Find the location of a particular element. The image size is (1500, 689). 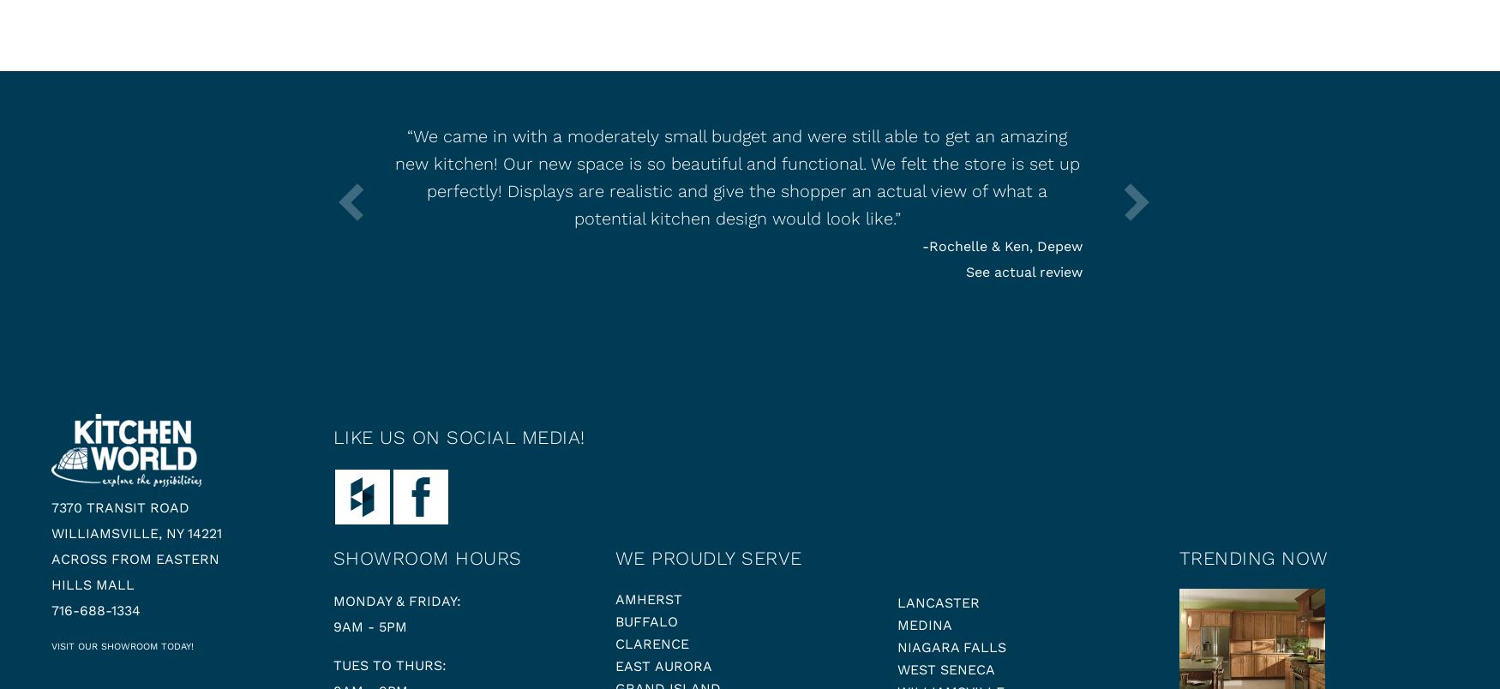

'BUFFALO' is located at coordinates (645, 621).